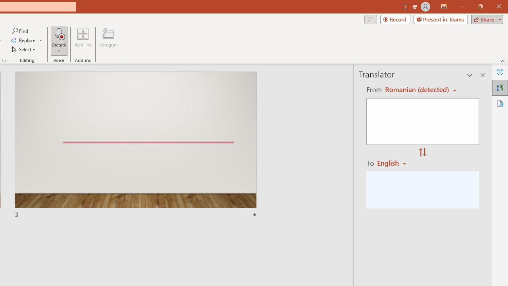  What do you see at coordinates (422, 153) in the screenshot?
I see `'Swap "from" and "to" languages.'` at bounding box center [422, 153].